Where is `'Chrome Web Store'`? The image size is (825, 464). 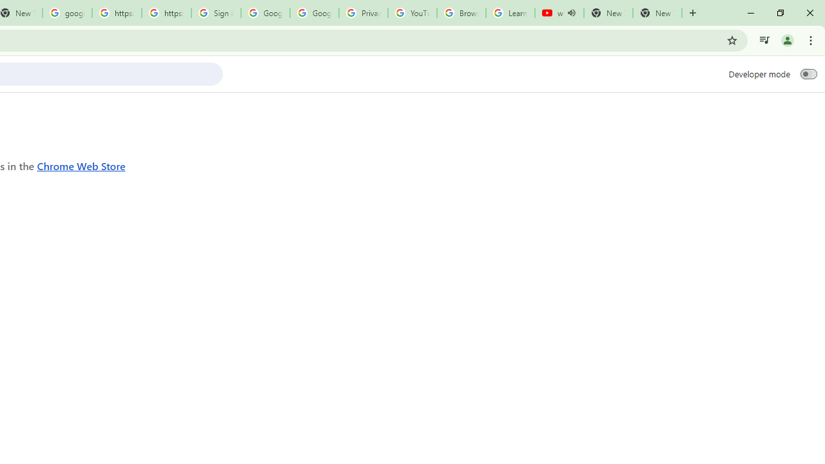 'Chrome Web Store' is located at coordinates (81, 165).